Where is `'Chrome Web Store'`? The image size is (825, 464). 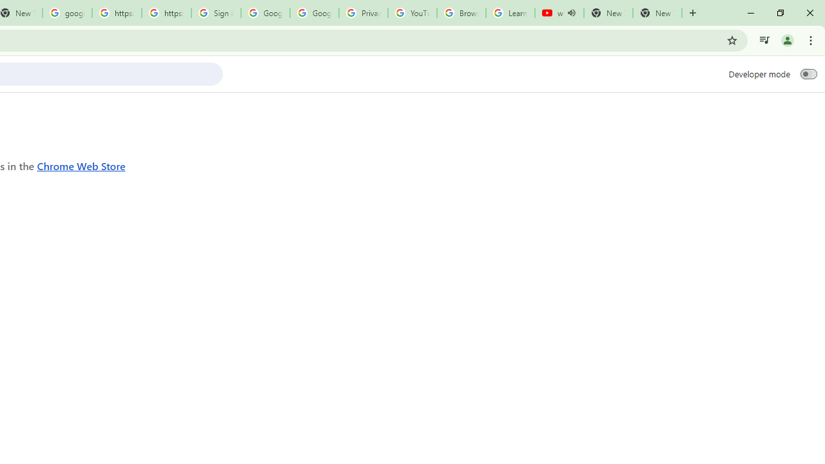 'Chrome Web Store' is located at coordinates (81, 165).